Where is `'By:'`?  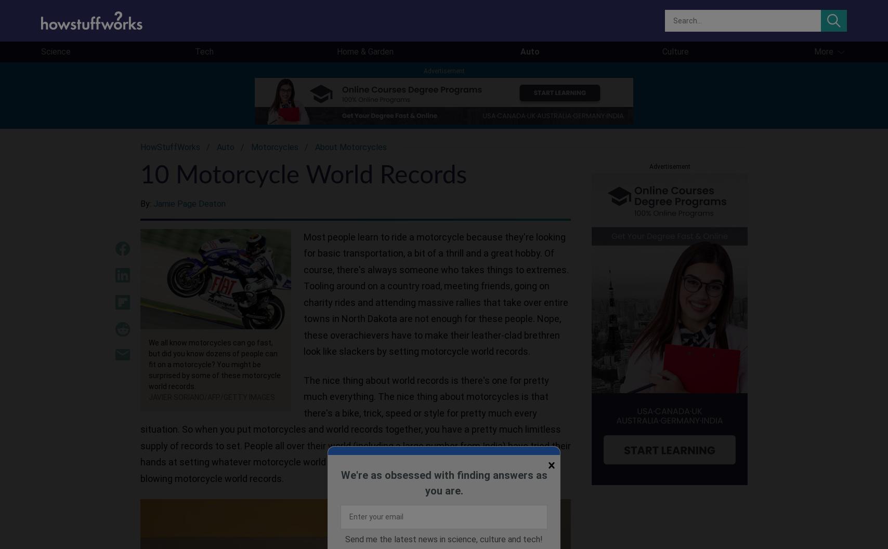 'By:' is located at coordinates (147, 203).